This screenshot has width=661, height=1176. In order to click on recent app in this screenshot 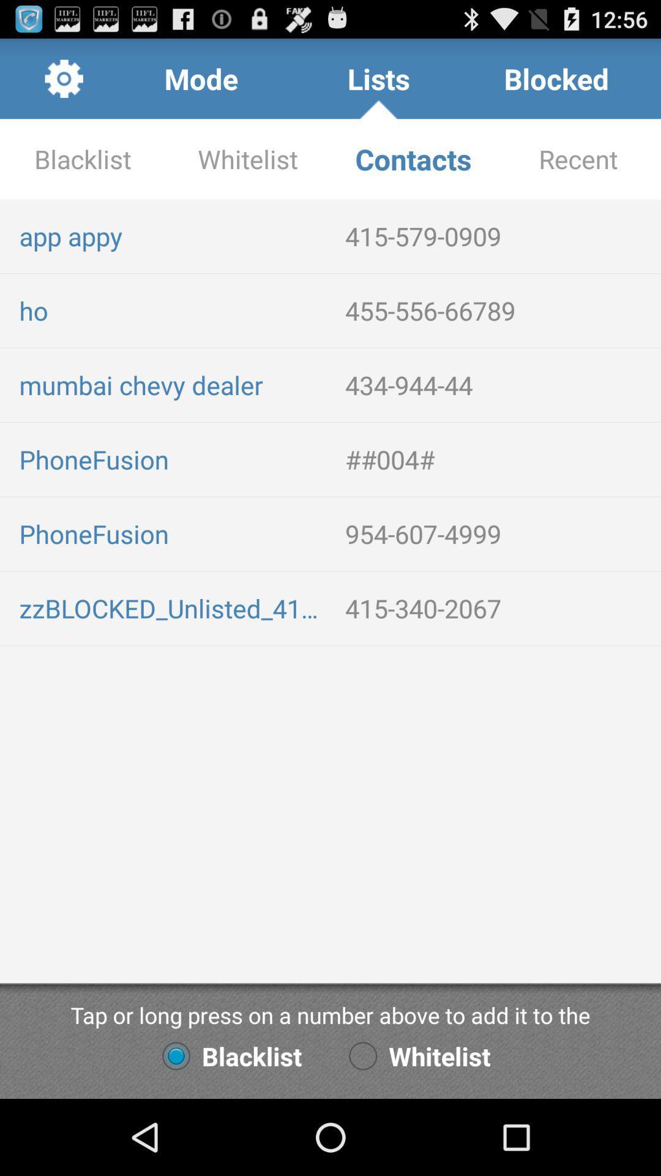, I will do `click(578, 158)`.